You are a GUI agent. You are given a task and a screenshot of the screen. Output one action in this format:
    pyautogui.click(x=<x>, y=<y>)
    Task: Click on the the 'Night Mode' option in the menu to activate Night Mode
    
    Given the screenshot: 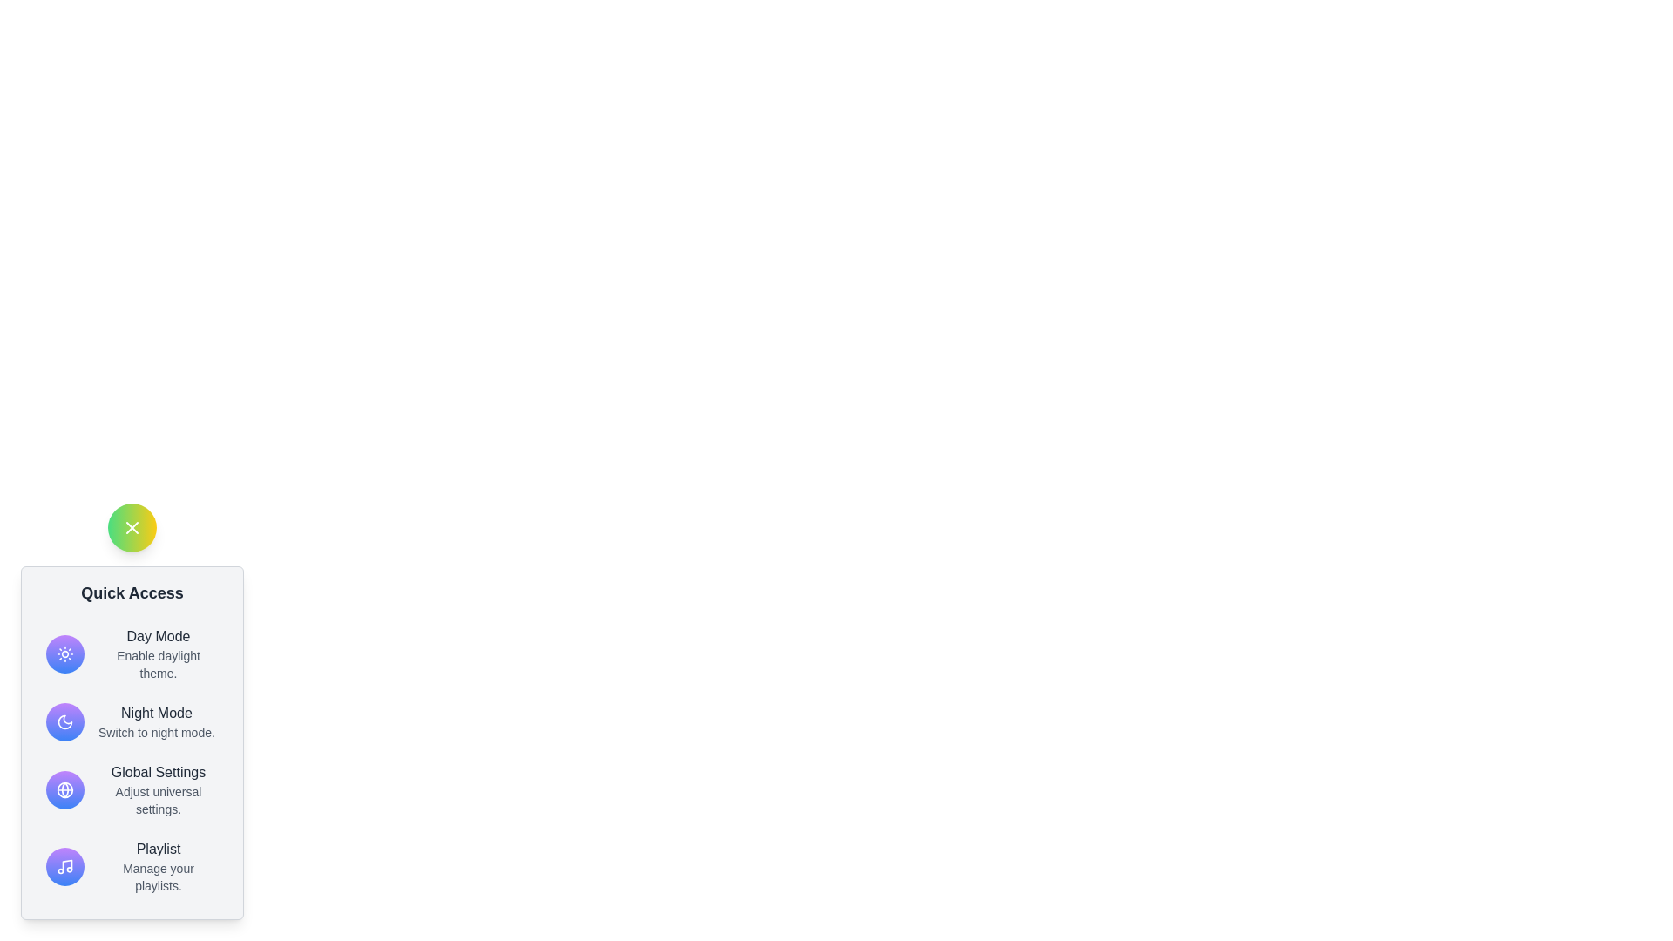 What is the action you would take?
    pyautogui.click(x=132, y=722)
    